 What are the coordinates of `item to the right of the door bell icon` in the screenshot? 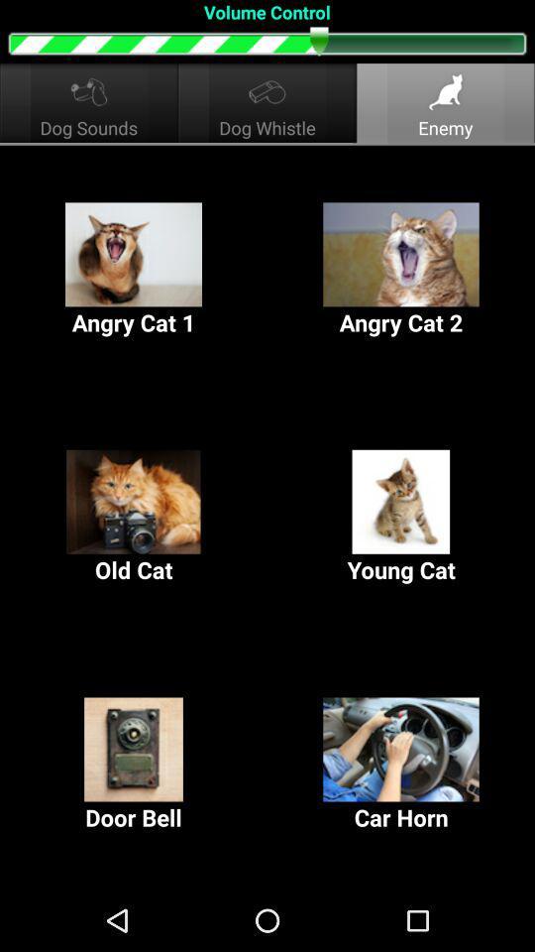 It's located at (401, 764).